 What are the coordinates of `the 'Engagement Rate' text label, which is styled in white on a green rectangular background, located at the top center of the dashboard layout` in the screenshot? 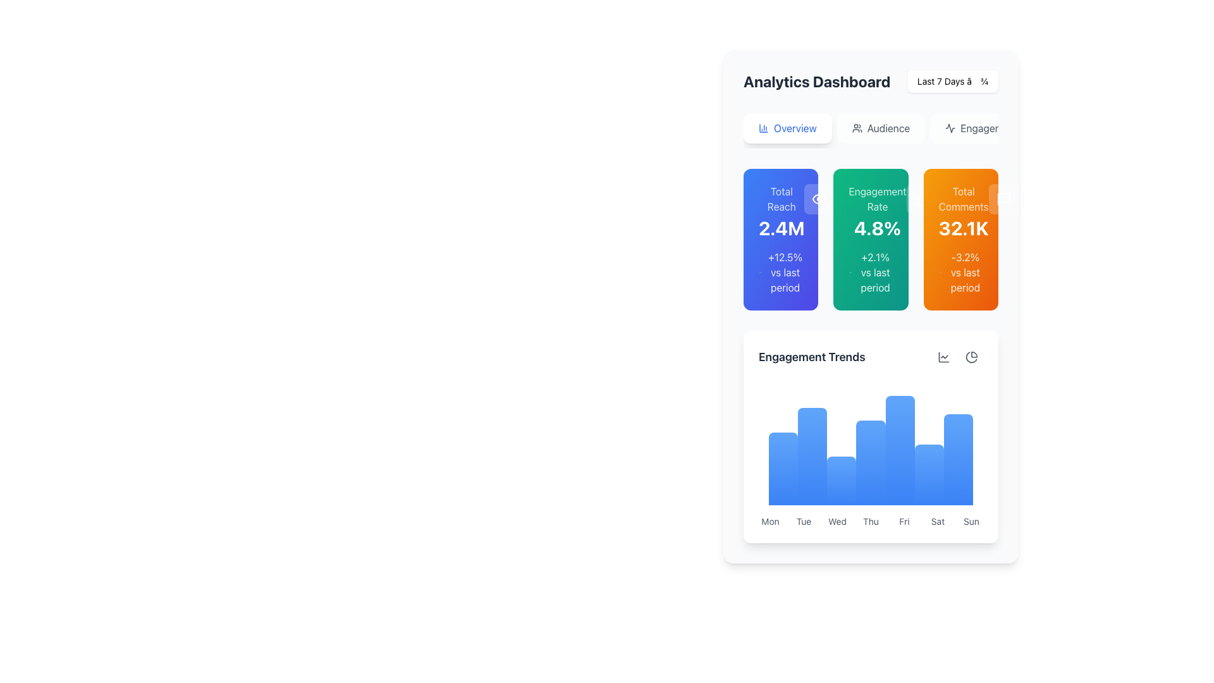 It's located at (876, 199).